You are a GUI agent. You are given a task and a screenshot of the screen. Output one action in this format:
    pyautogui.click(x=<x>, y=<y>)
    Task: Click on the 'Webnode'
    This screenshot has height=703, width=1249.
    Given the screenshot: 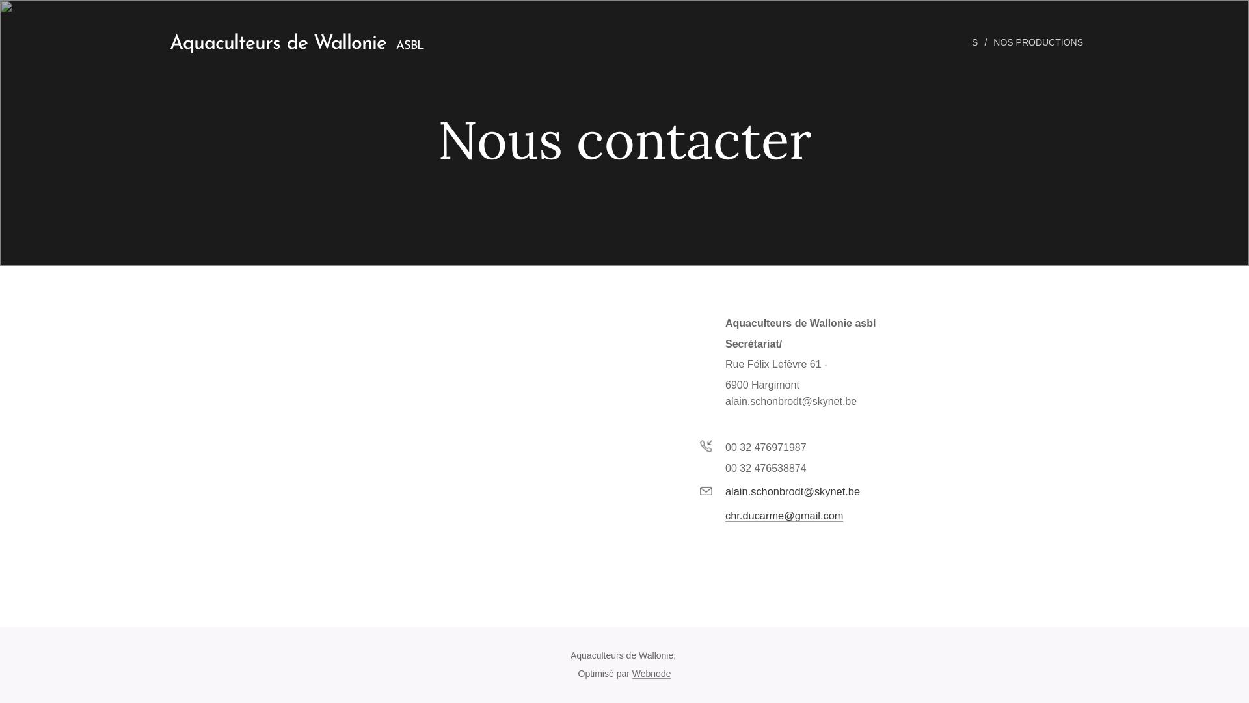 What is the action you would take?
    pyautogui.click(x=652, y=673)
    